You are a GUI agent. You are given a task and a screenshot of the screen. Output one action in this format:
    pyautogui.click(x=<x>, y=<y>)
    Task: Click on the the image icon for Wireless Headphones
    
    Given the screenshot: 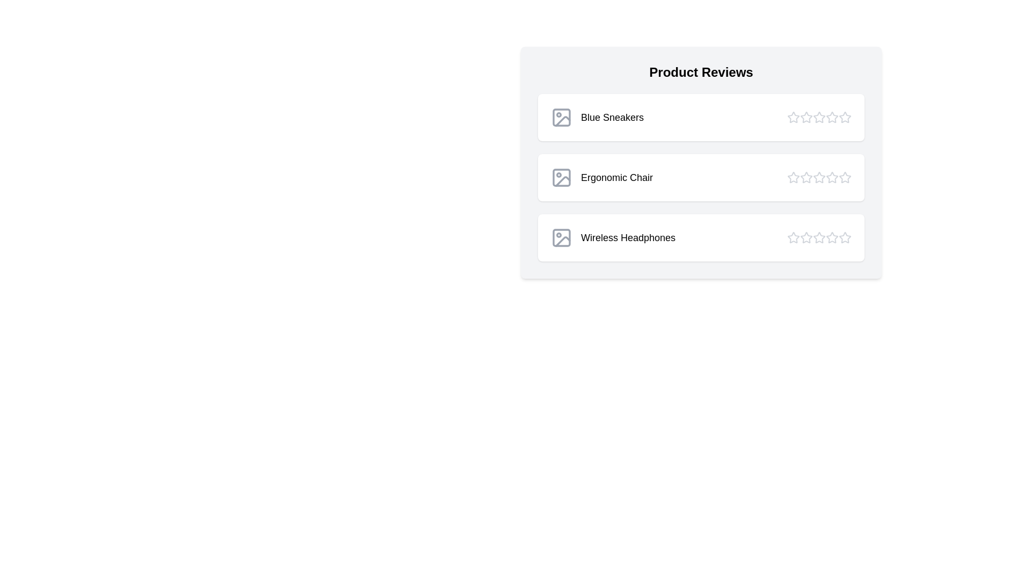 What is the action you would take?
    pyautogui.click(x=561, y=237)
    